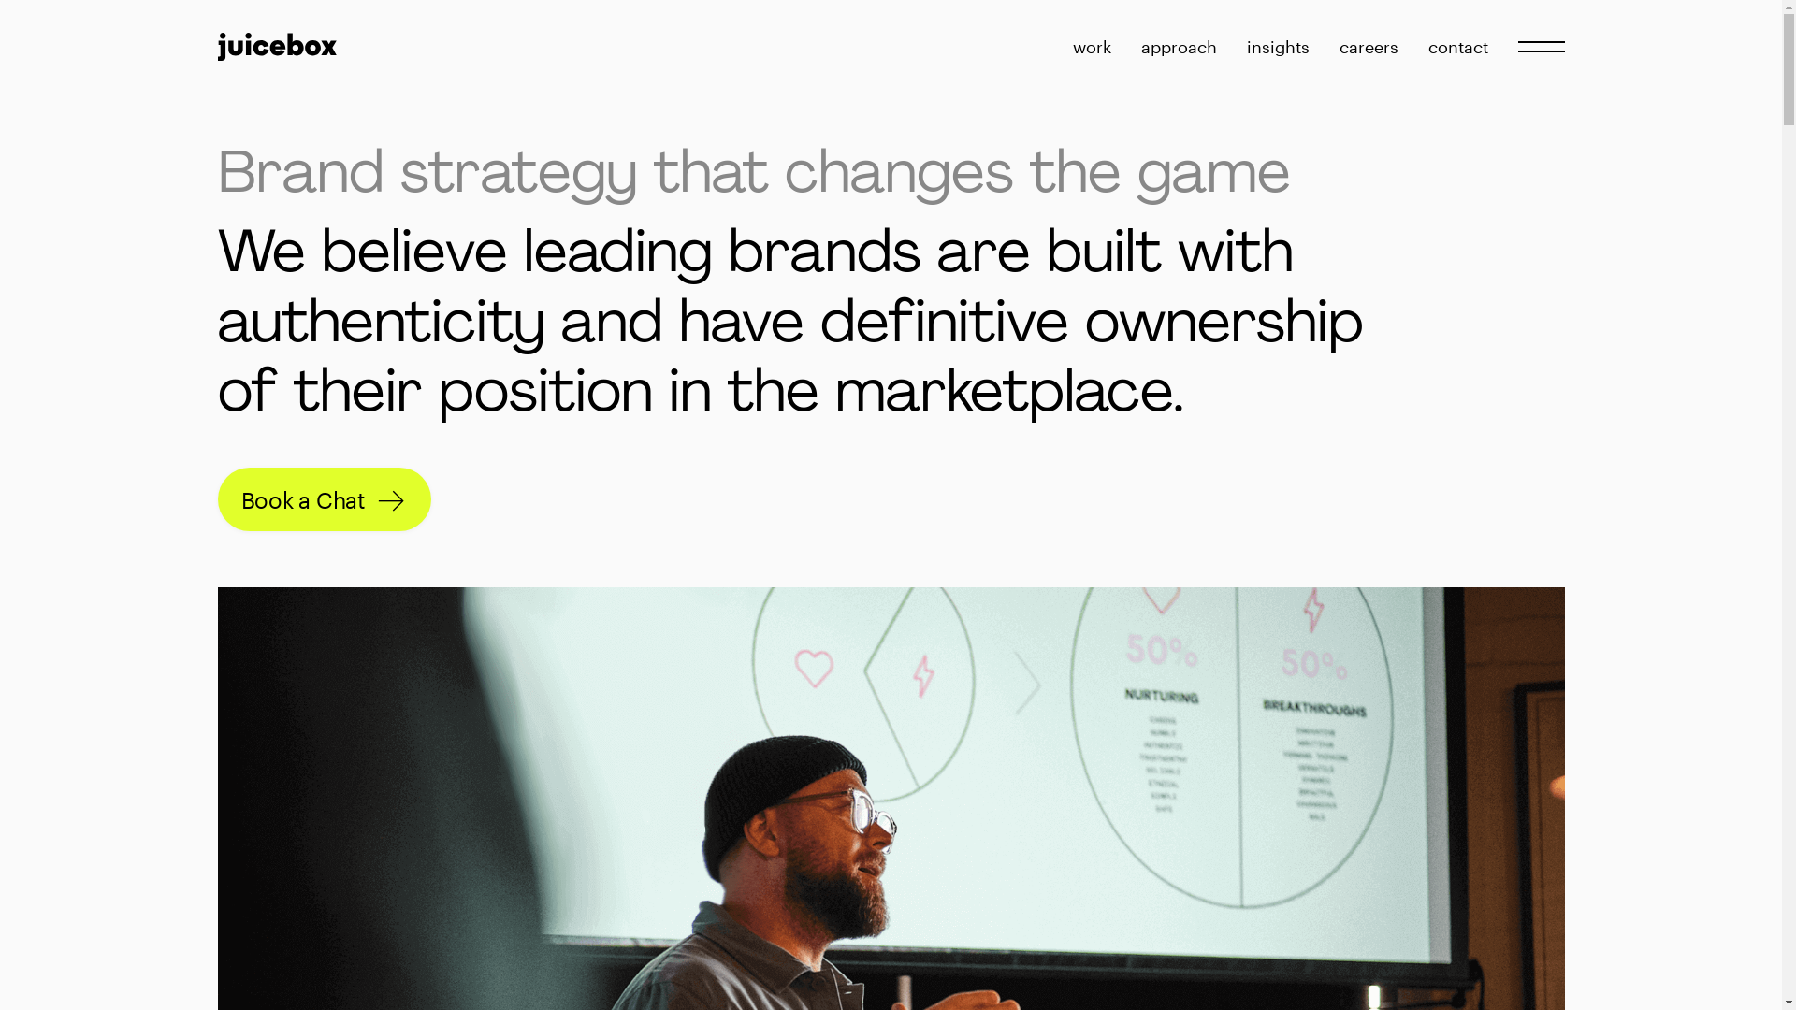 Image resolution: width=1796 pixels, height=1010 pixels. I want to click on 'contact', so click(1456, 45).